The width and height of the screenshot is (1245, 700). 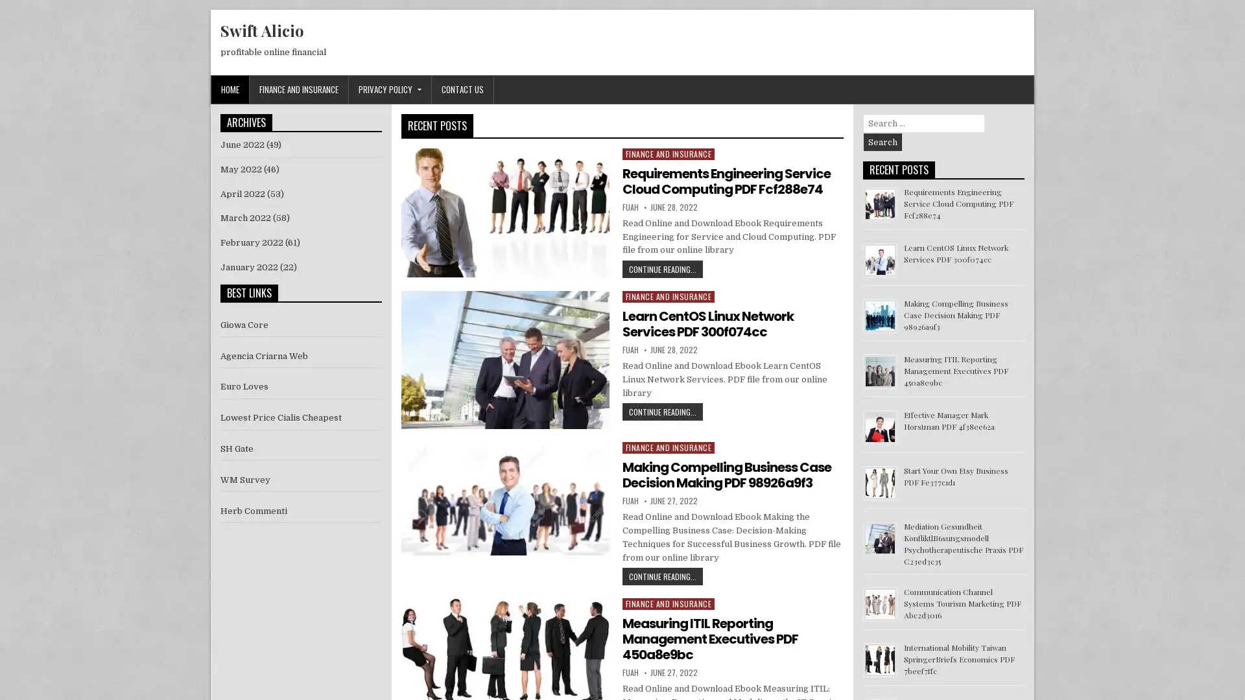 I want to click on Search, so click(x=882, y=142).